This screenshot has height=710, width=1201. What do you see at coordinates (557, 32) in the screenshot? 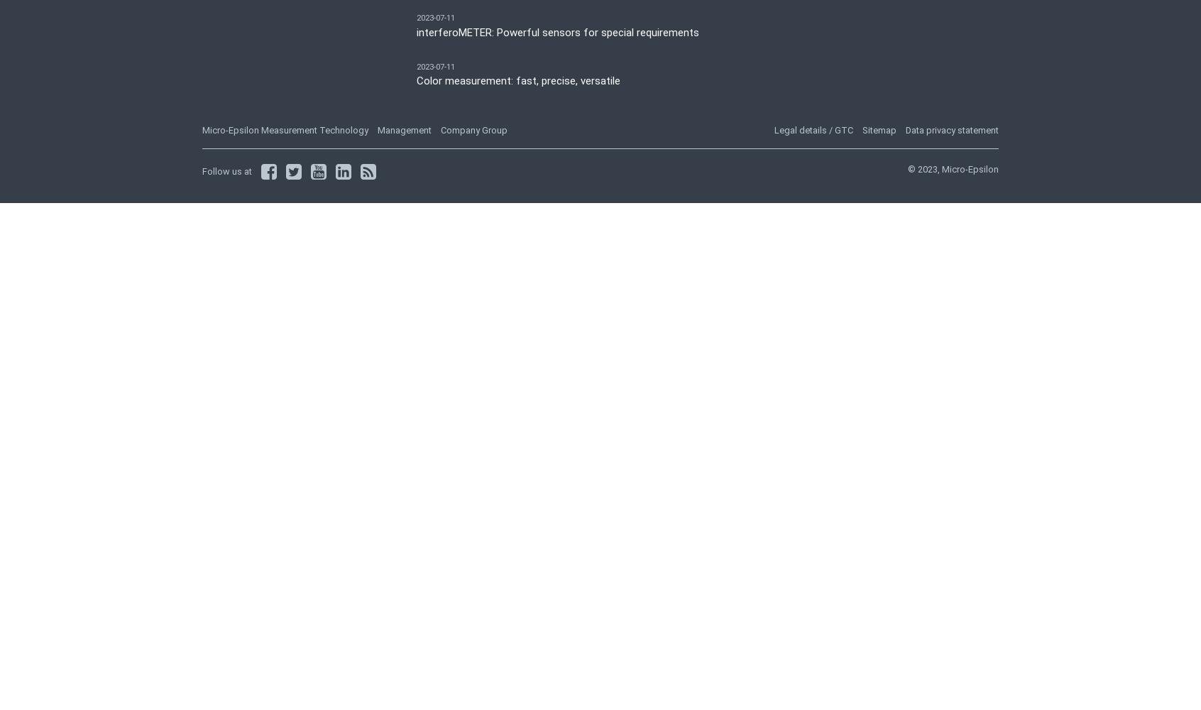
I see `'interferoMETER: Powerful sensors for special requirements'` at bounding box center [557, 32].